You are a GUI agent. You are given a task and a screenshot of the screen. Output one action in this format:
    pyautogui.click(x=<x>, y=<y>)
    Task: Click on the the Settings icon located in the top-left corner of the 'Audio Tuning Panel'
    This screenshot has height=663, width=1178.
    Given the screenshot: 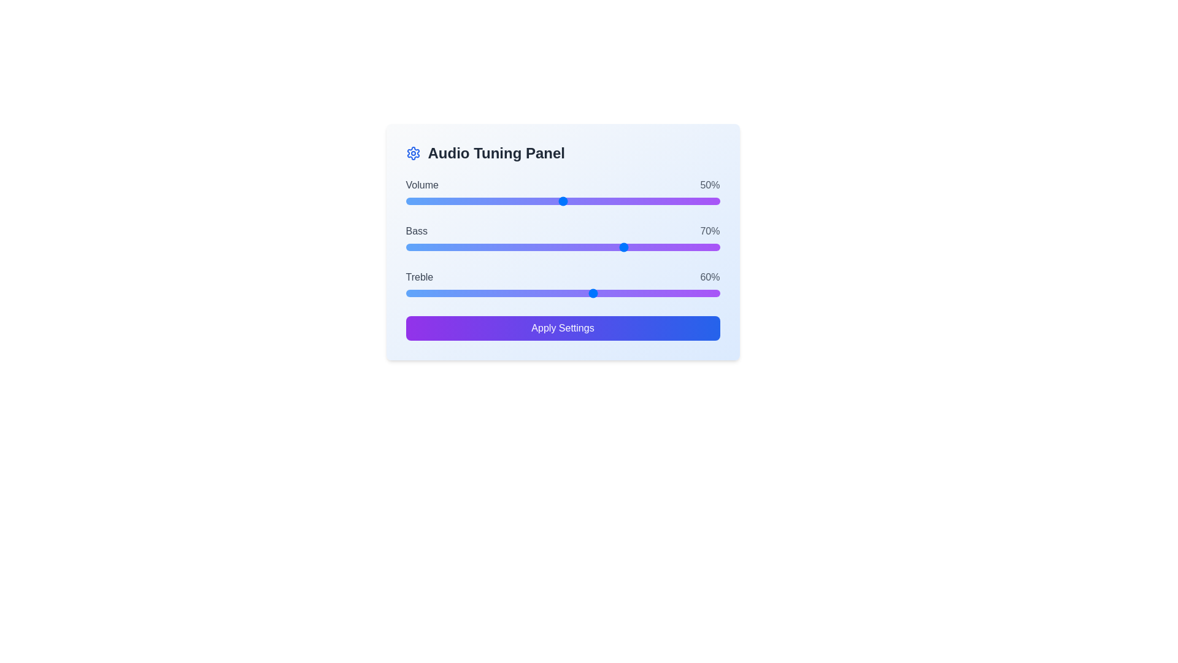 What is the action you would take?
    pyautogui.click(x=413, y=153)
    